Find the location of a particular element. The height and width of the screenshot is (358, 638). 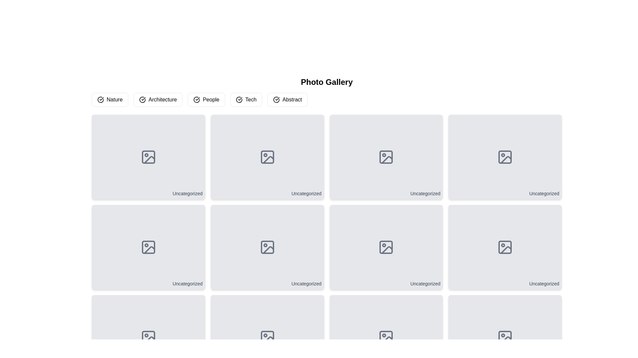

the SVG graphic element that serves as a placeholder for an image, located in the center of the grid tile in the fourth column of the first row is located at coordinates (505, 157).